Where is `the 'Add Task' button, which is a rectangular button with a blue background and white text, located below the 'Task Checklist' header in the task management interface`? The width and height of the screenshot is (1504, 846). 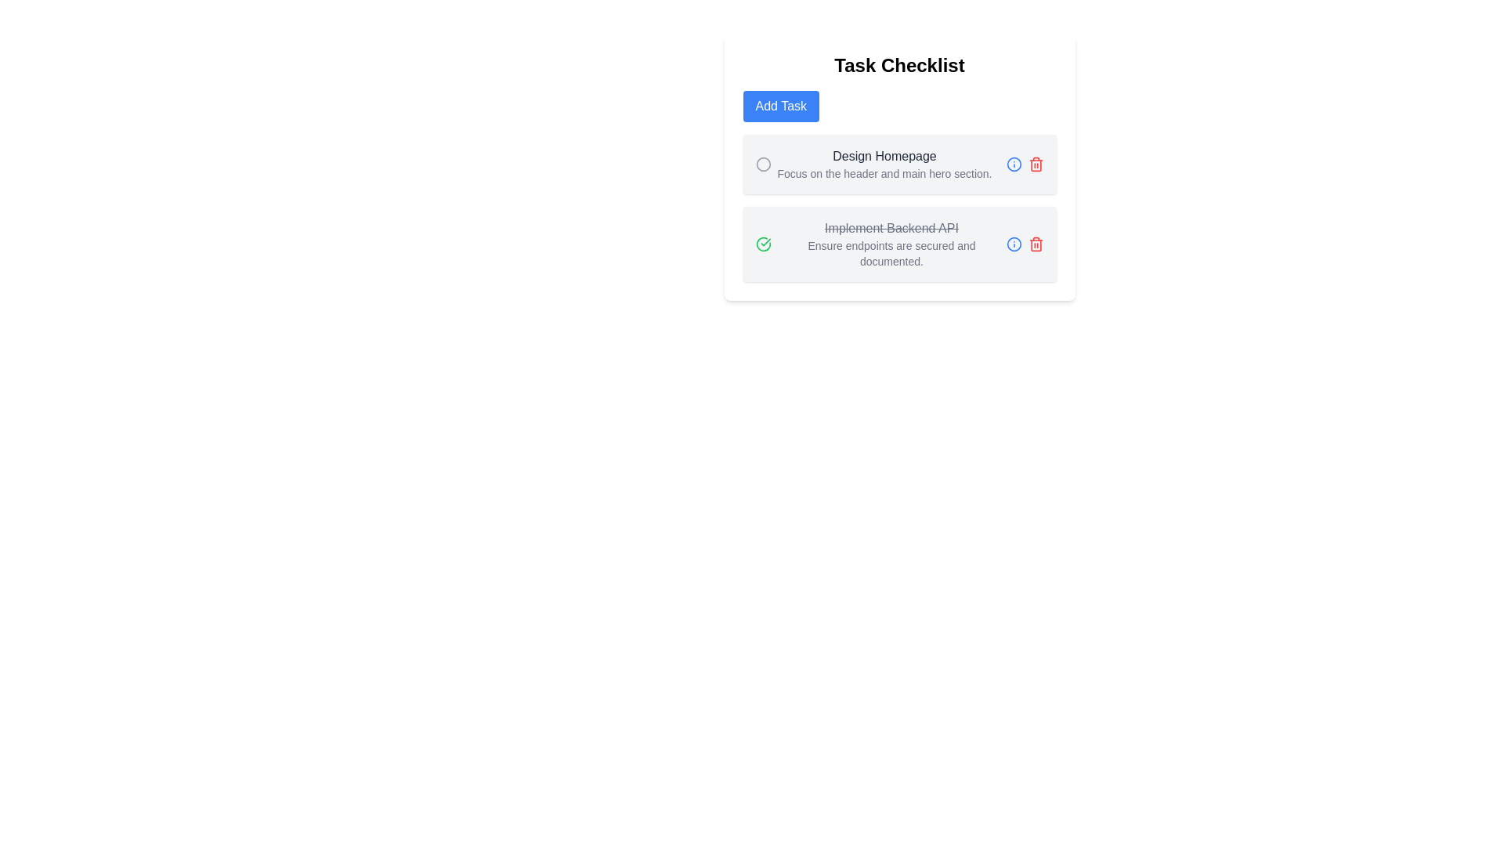
the 'Add Task' button, which is a rectangular button with a blue background and white text, located below the 'Task Checklist' header in the task management interface is located at coordinates (781, 106).